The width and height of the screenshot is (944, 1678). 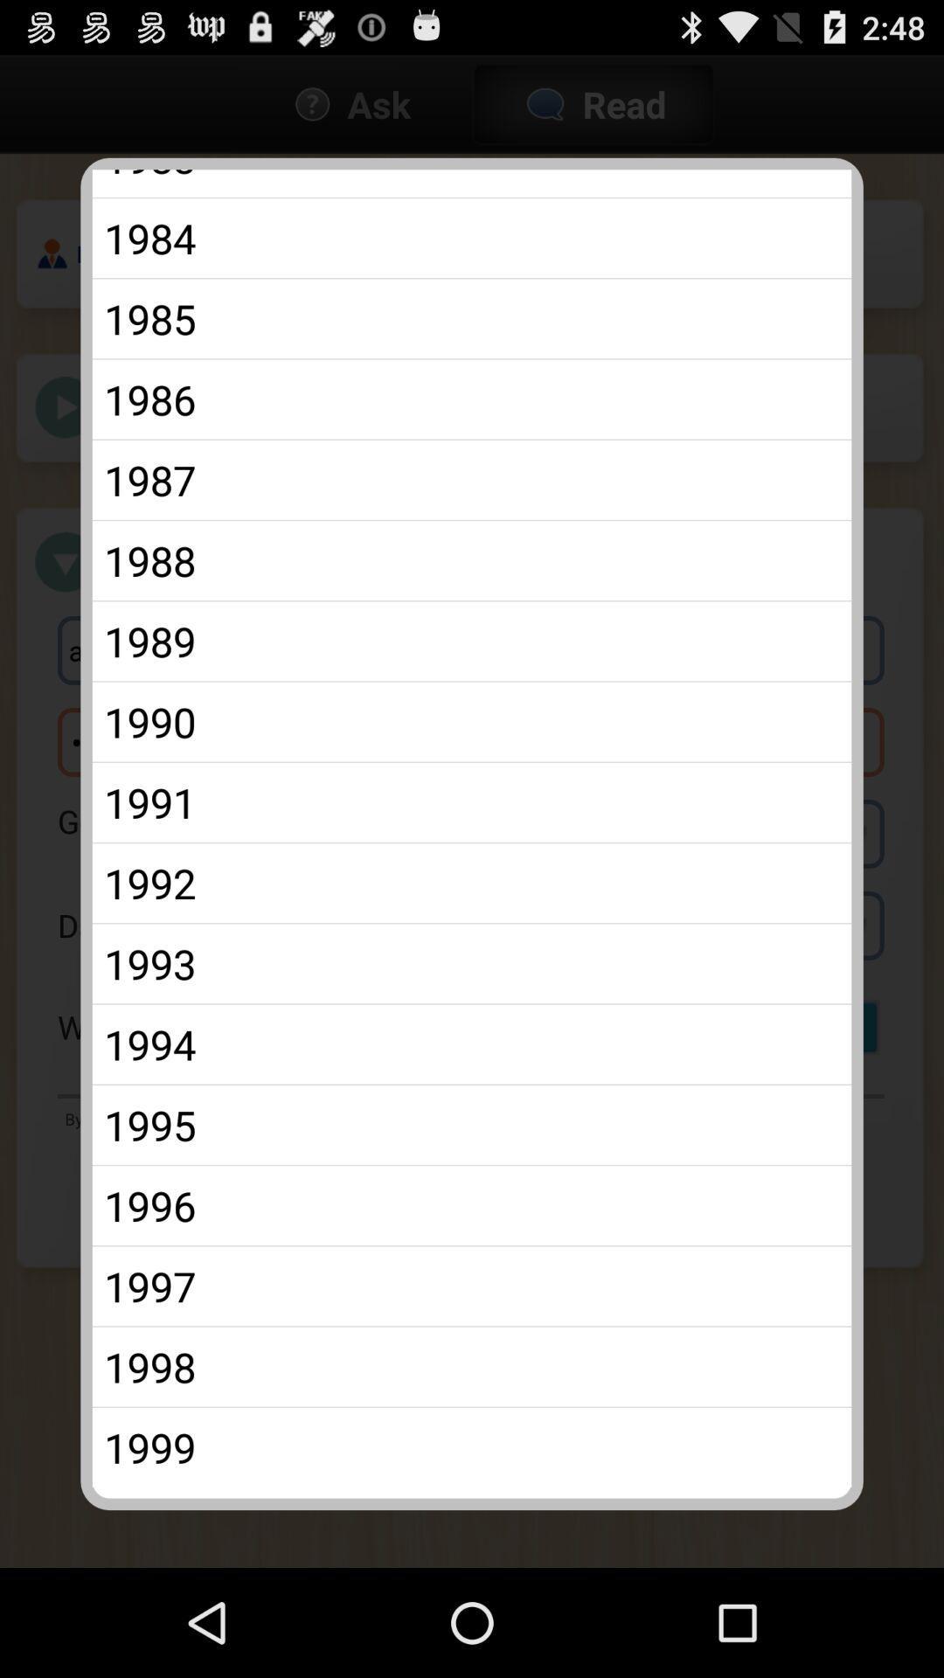 What do you see at coordinates (472, 640) in the screenshot?
I see `the app above 1990 app` at bounding box center [472, 640].